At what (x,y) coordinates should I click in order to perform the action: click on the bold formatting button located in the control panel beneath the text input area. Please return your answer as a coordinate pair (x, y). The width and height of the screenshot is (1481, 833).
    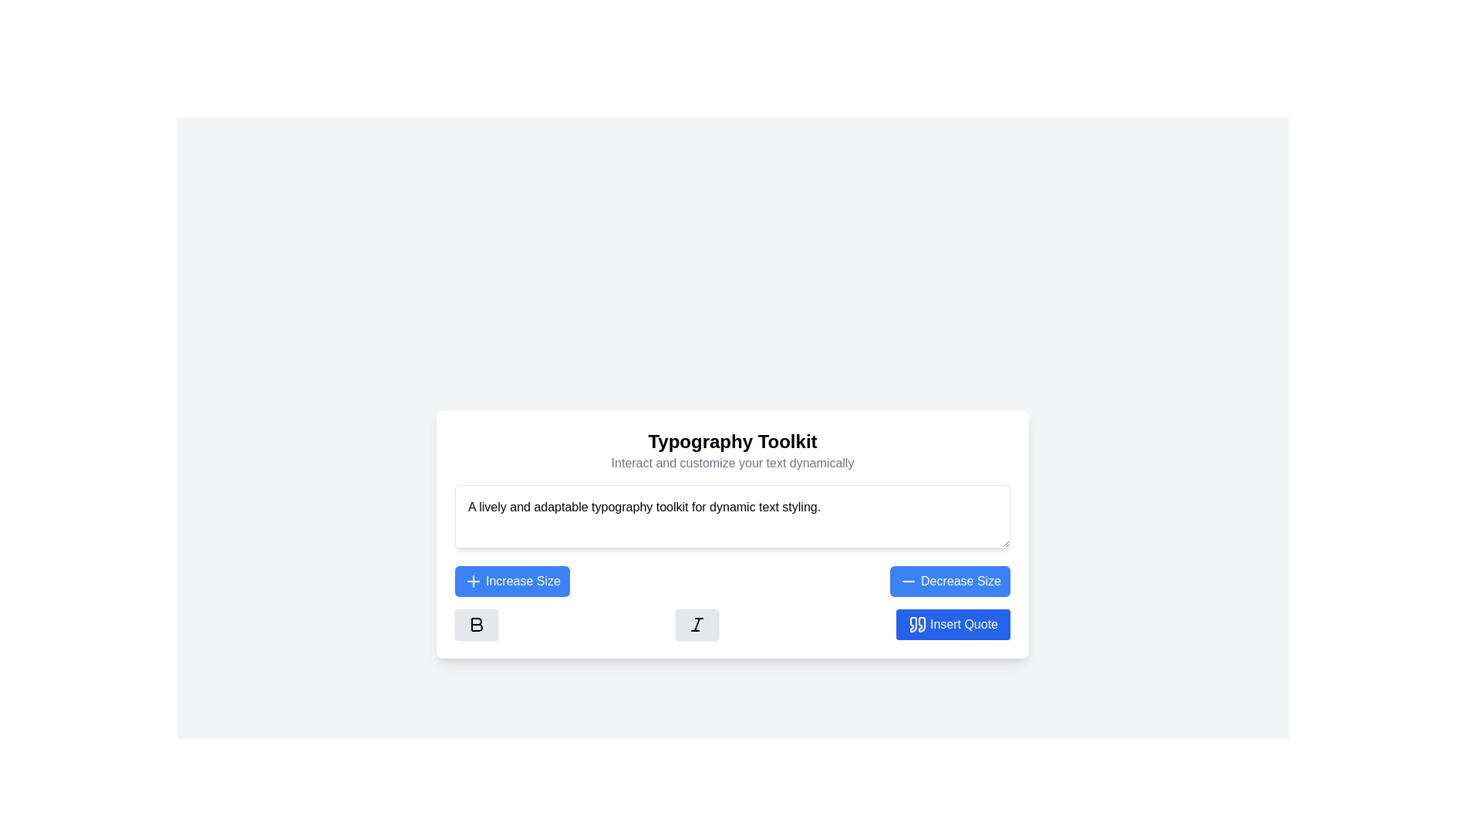
    Looking at the image, I should click on (476, 623).